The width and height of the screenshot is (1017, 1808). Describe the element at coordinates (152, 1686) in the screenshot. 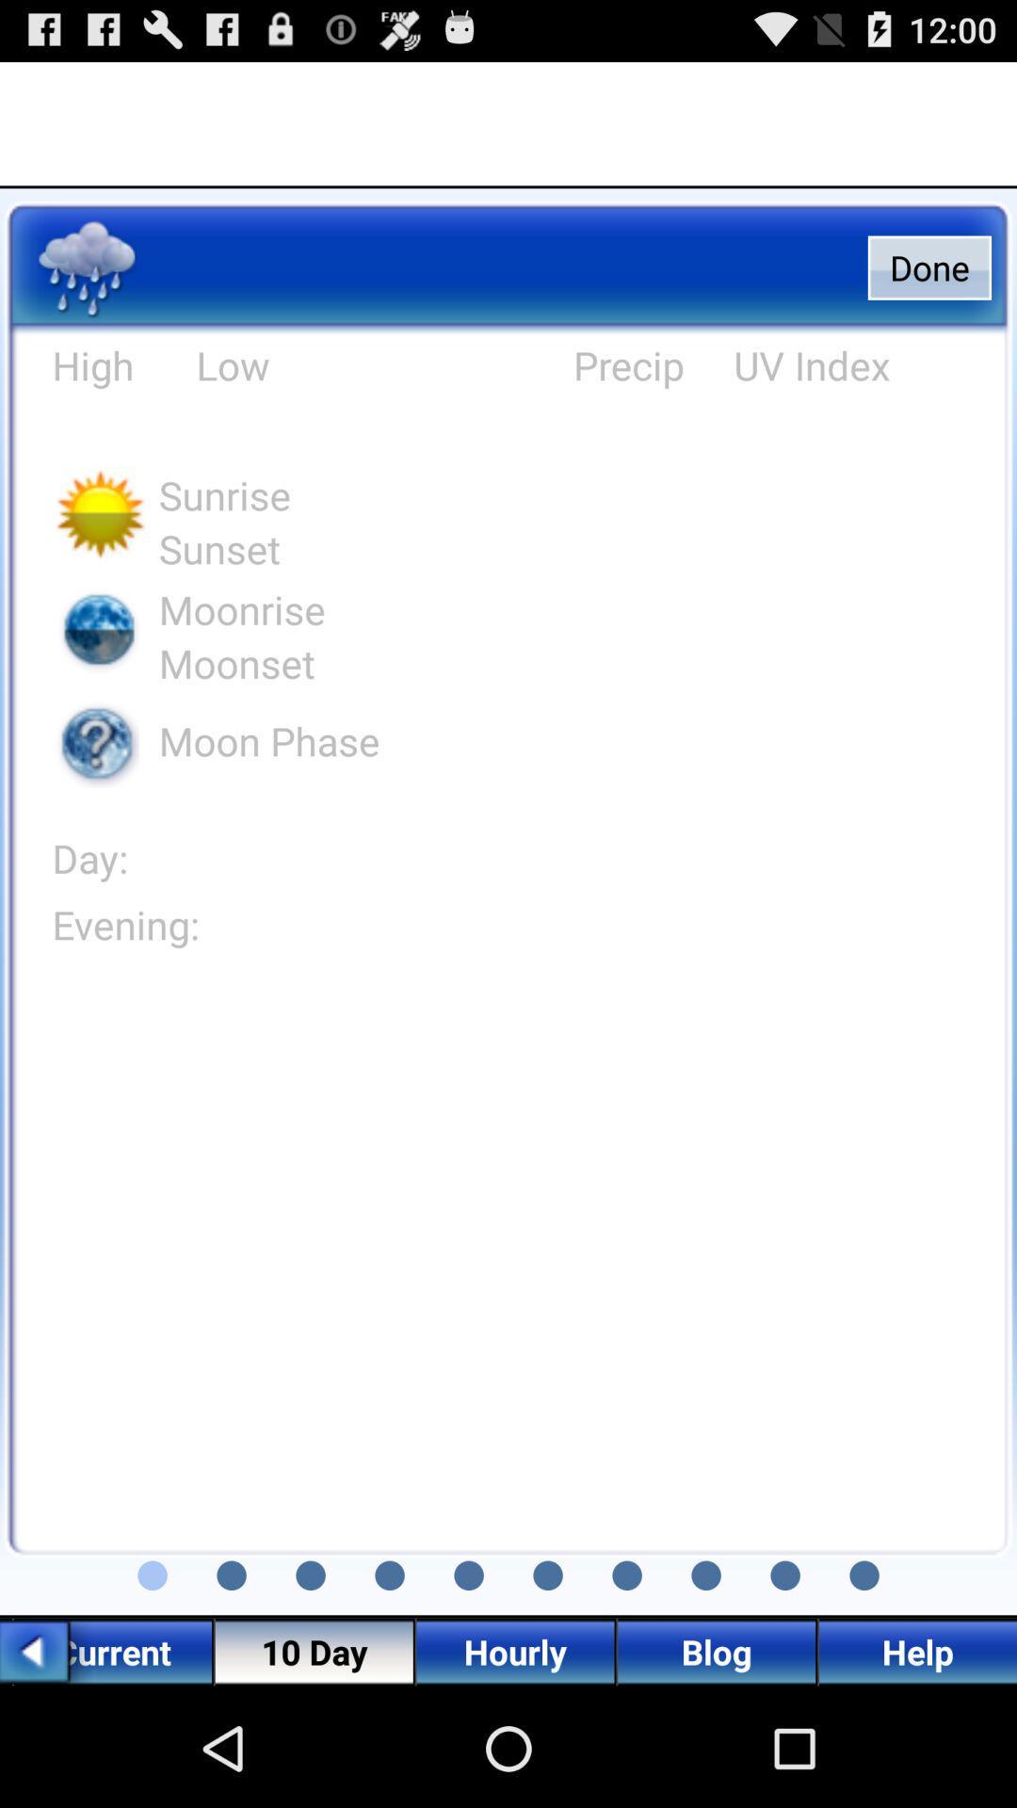

I see `the photo icon` at that location.